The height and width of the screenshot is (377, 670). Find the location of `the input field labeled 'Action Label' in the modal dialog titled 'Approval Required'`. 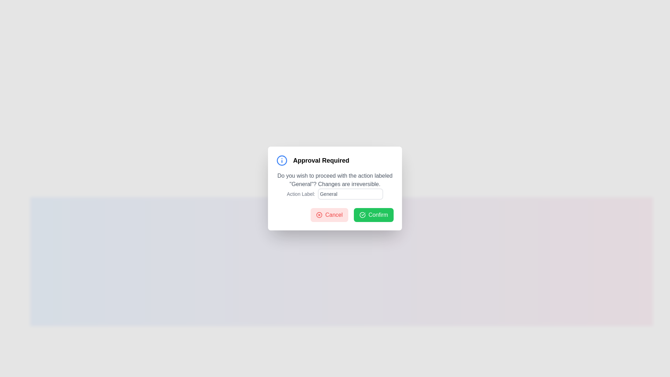

the input field labeled 'Action Label' in the modal dialog titled 'Approval Required' is located at coordinates (335, 188).